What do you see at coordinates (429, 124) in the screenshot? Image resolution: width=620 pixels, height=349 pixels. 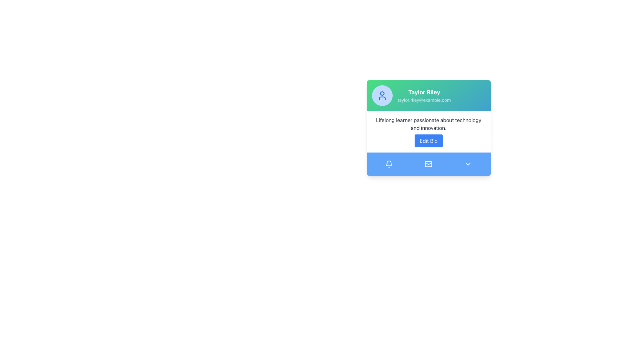 I see `the text component displaying 'Lifelong learner passionate about technology and innovation.' which is styled in dark text on a white background, positioned centrally in the profile card` at bounding box center [429, 124].